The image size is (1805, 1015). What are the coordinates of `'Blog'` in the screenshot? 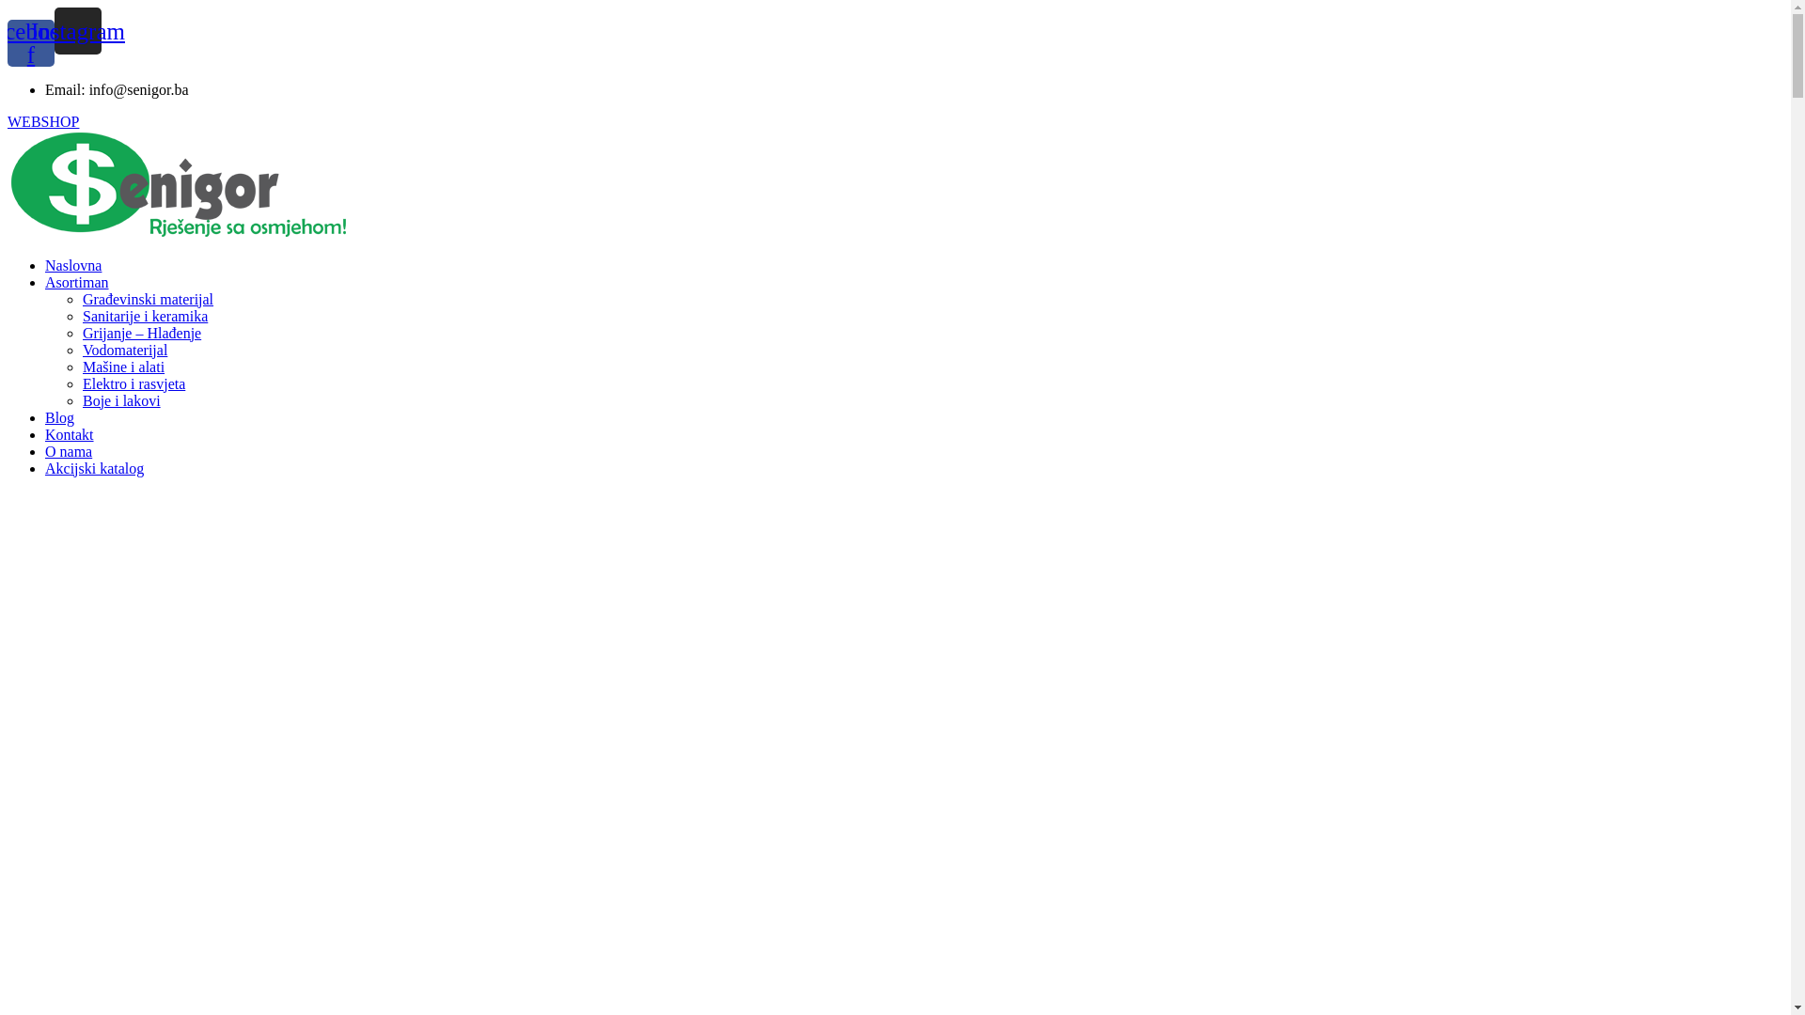 It's located at (59, 416).